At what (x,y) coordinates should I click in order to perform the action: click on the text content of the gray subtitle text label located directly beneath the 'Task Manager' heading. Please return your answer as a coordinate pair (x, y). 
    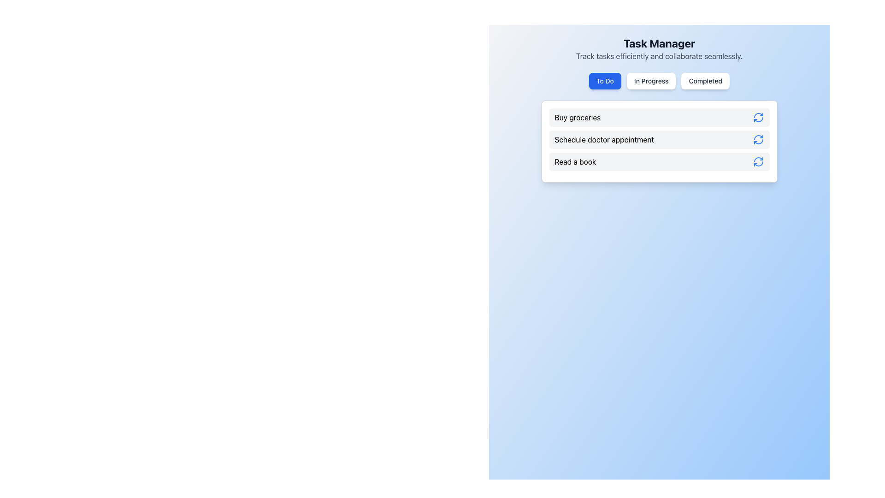
    Looking at the image, I should click on (659, 56).